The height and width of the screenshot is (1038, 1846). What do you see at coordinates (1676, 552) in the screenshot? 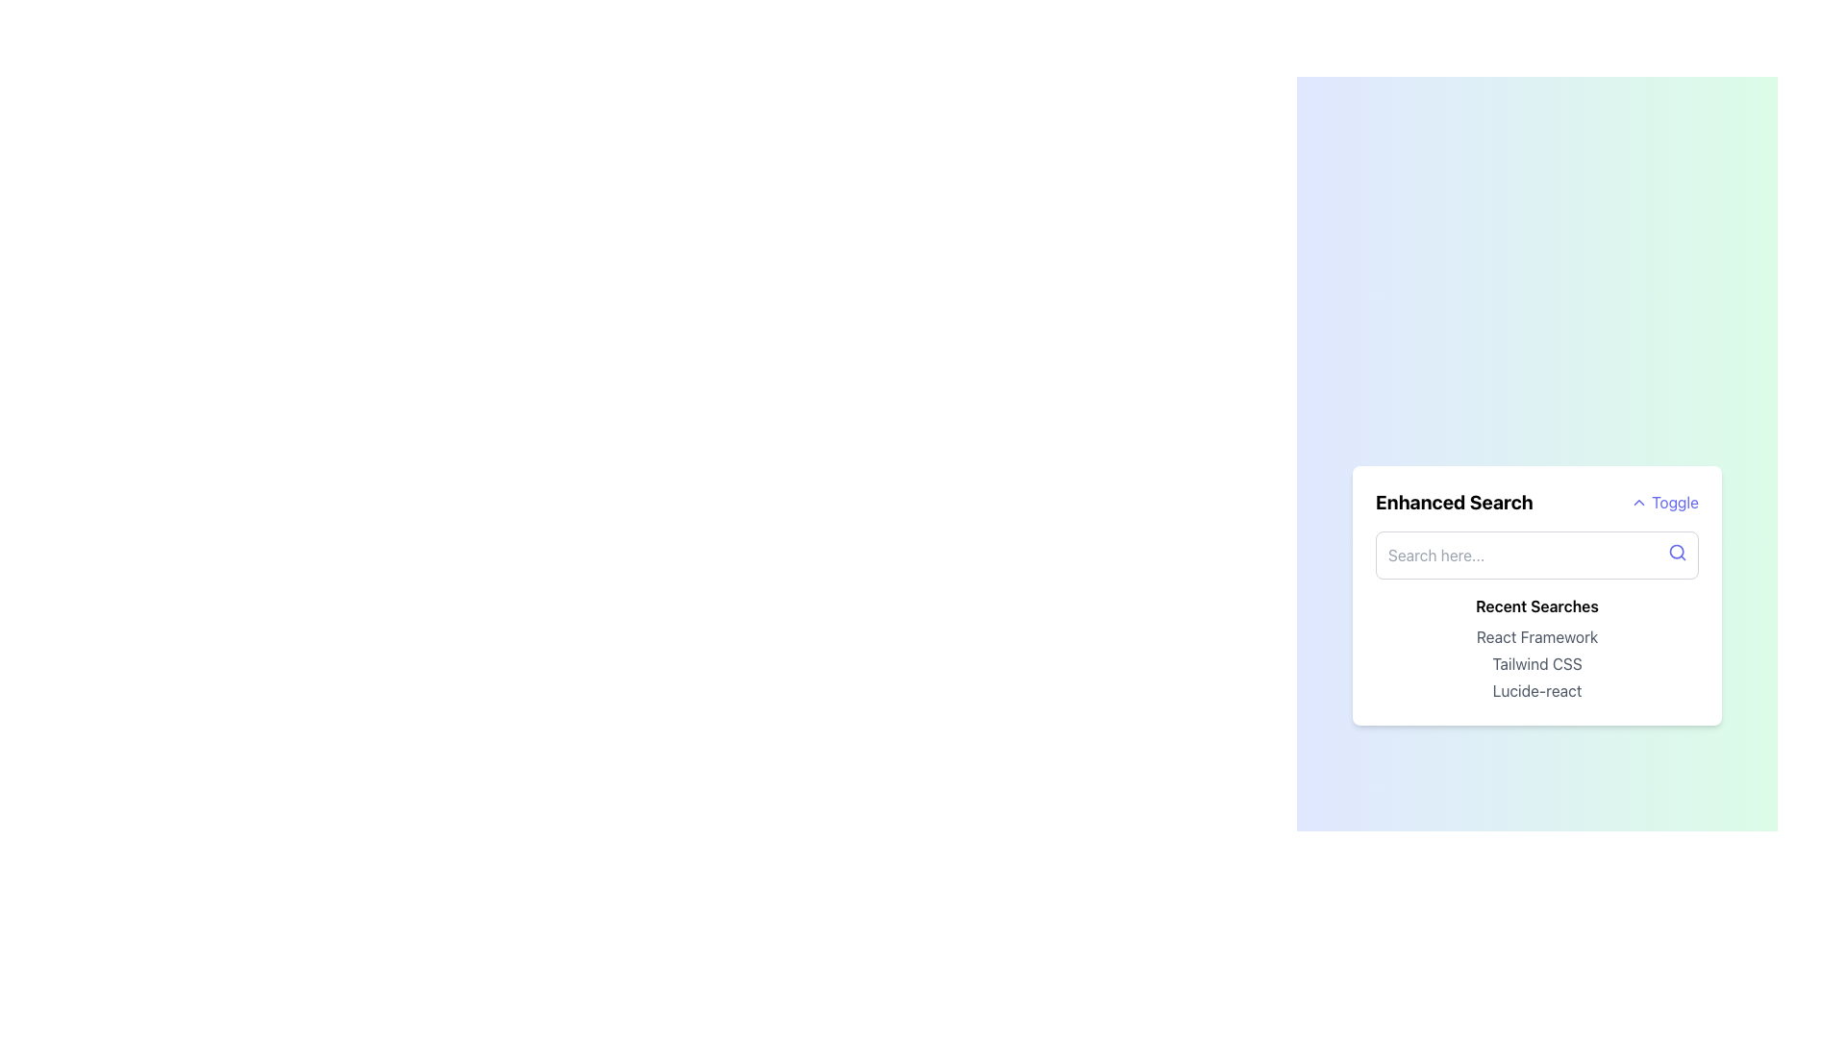
I see `the small circular icon within the search icon, located at the right side of the search interface` at bounding box center [1676, 552].